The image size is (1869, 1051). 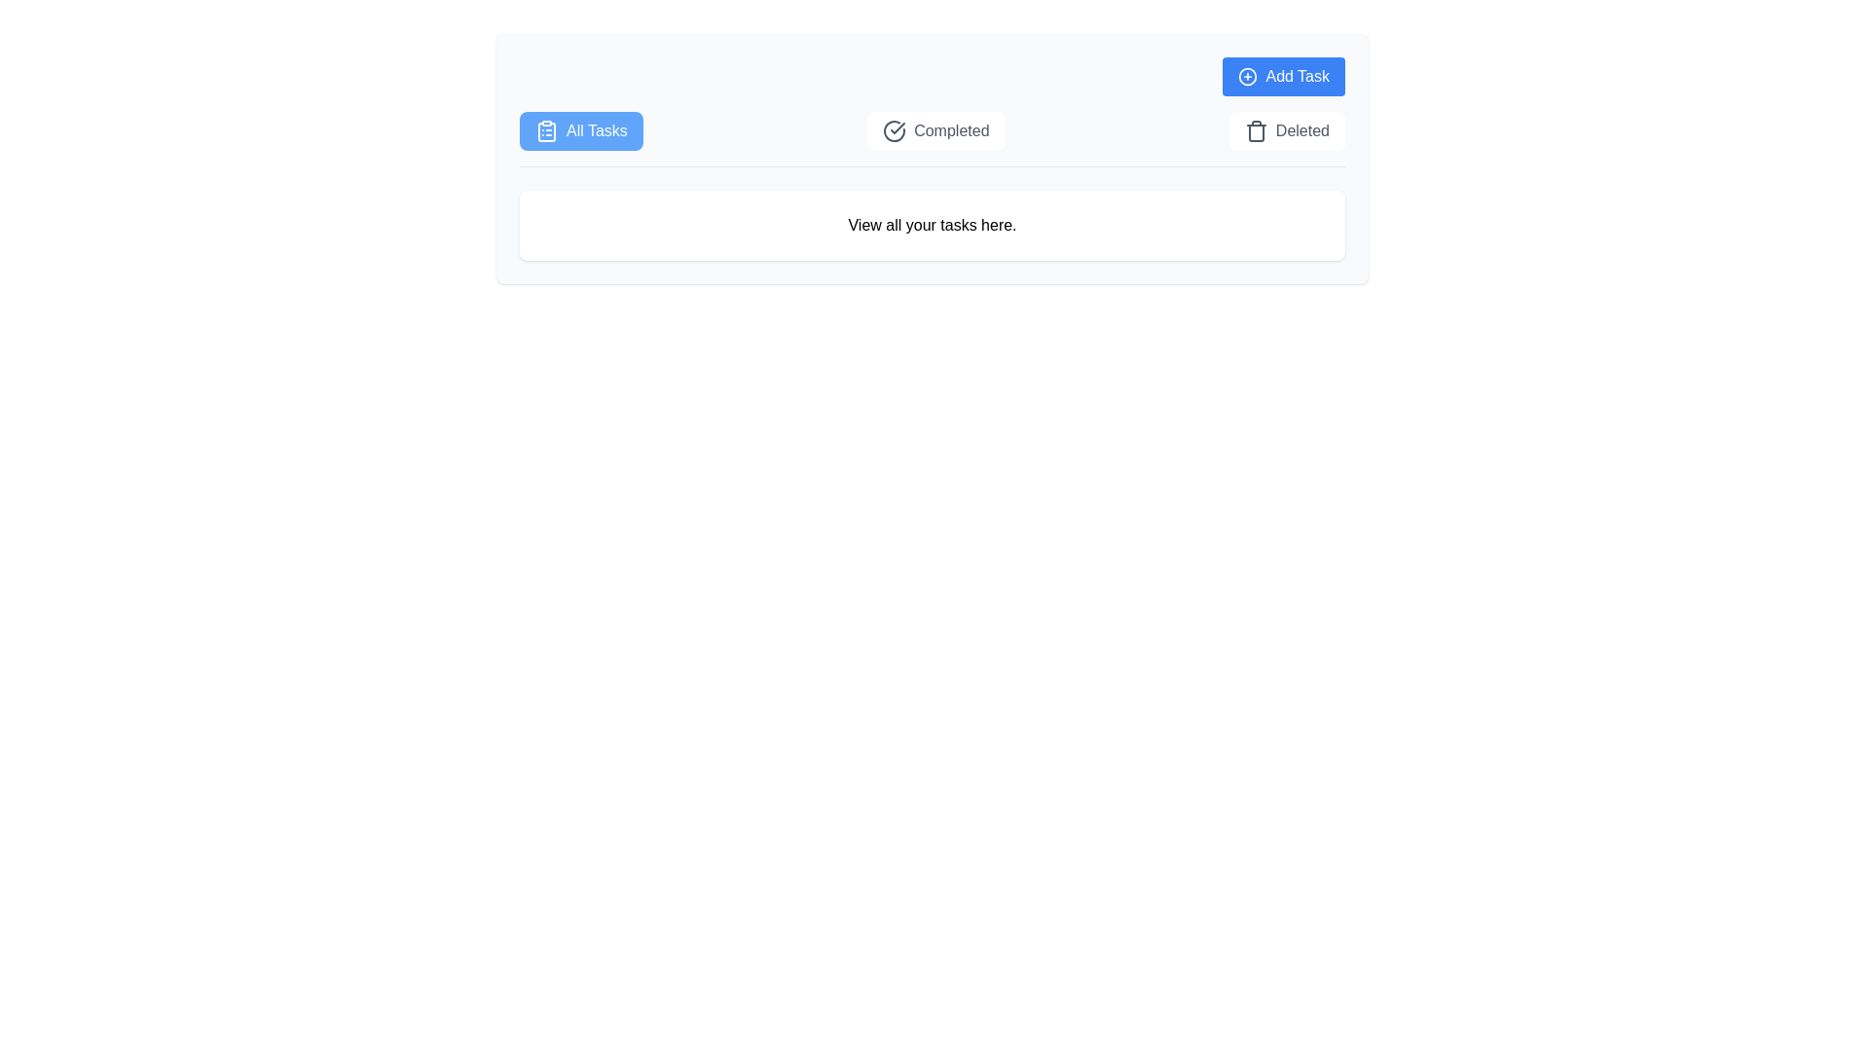 What do you see at coordinates (894, 131) in the screenshot?
I see `the completion status icon which is part of the 'Completed' button, located centrally among the top-level buttons at the top of the layout` at bounding box center [894, 131].